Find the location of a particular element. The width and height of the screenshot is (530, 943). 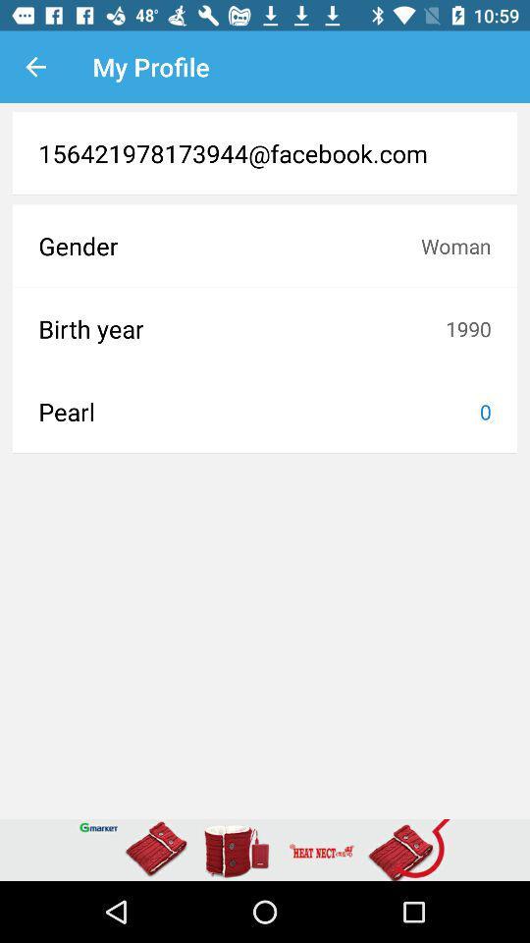

156421978173944@facebook.com item is located at coordinates (265, 152).